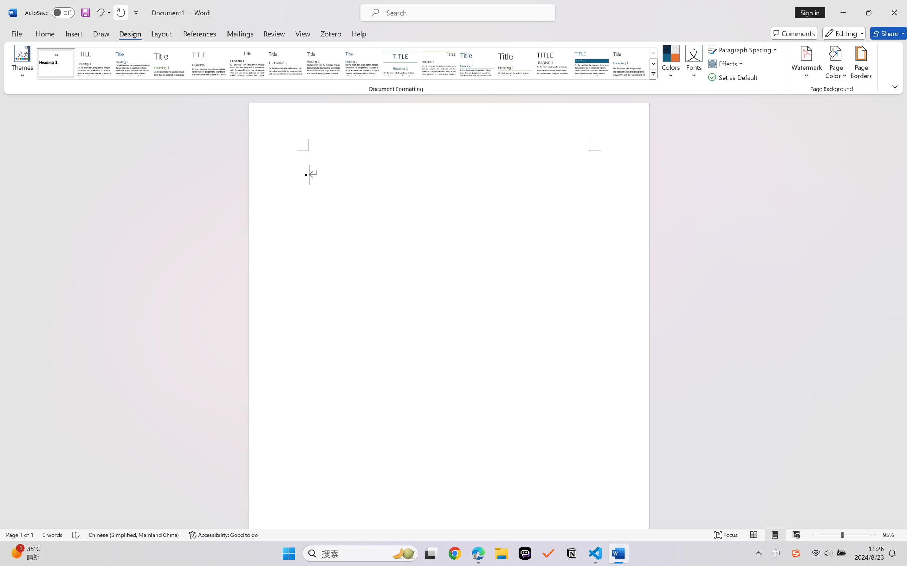  Describe the element at coordinates (120, 12) in the screenshot. I see `'Repeat Style'` at that location.